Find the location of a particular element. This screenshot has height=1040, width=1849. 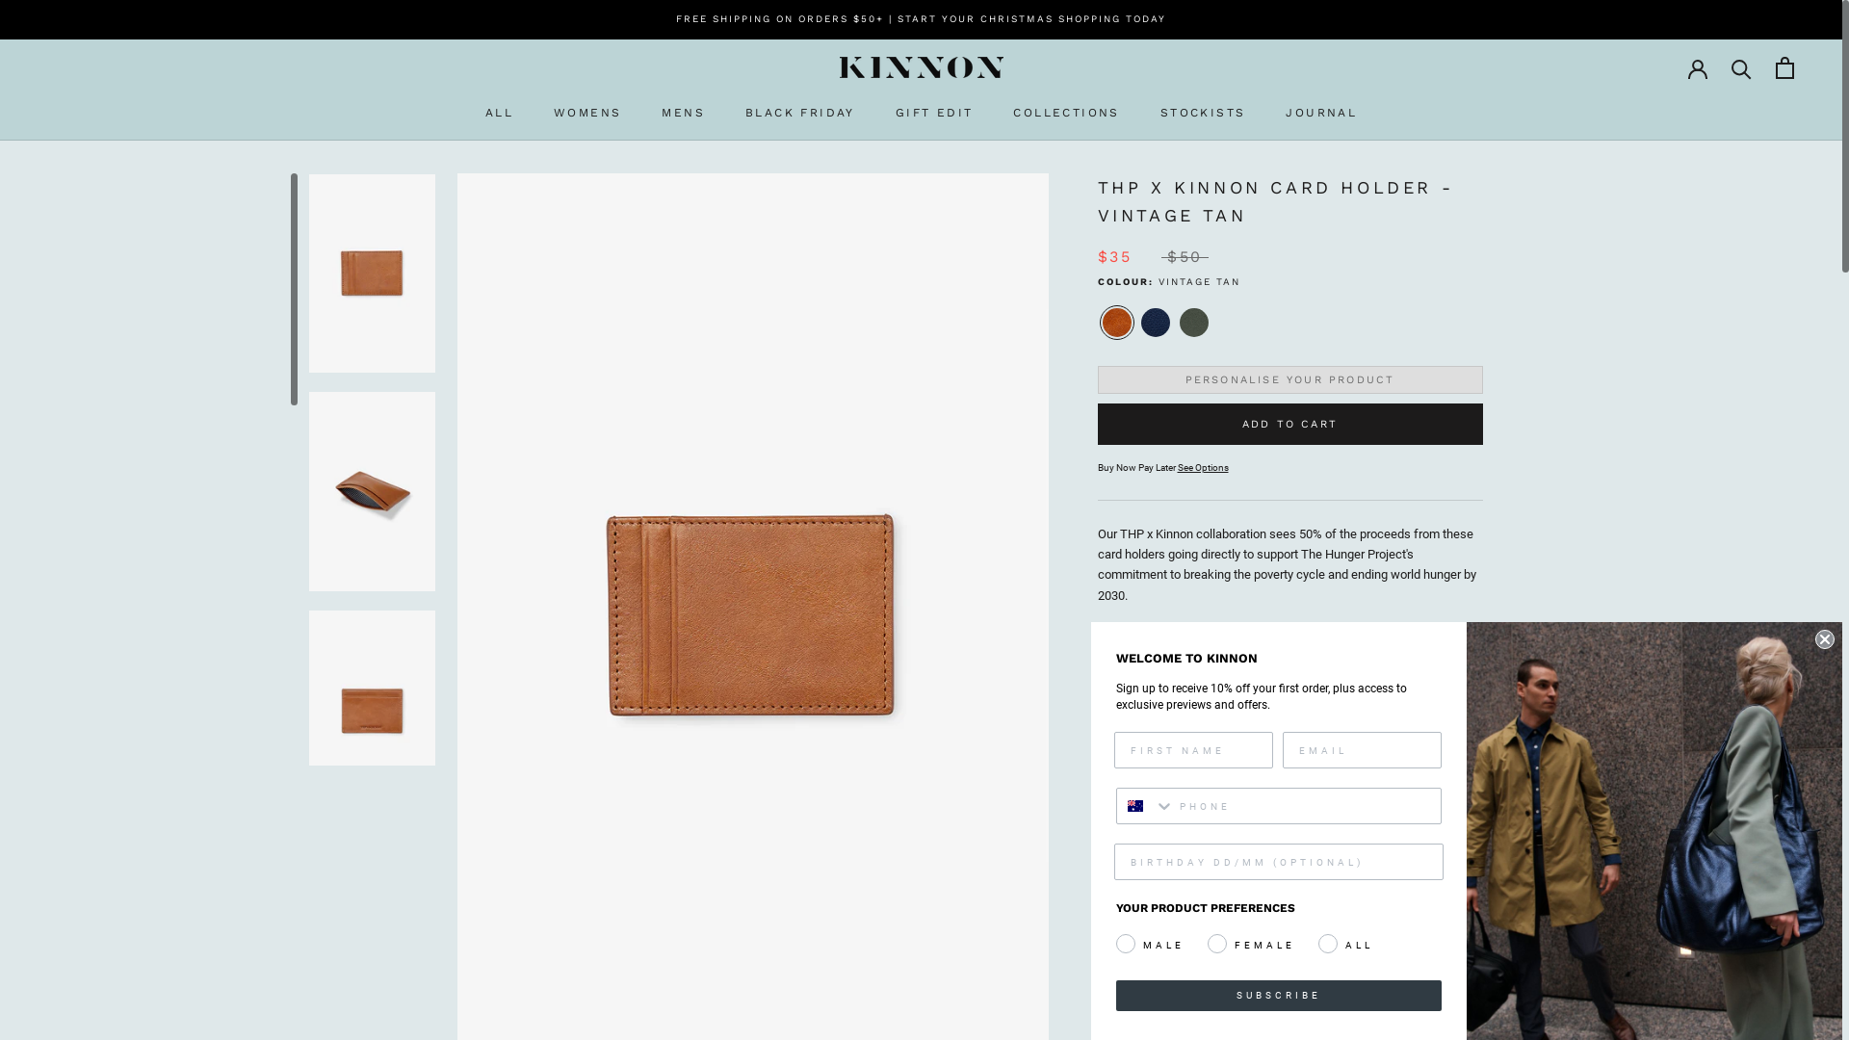

'ALL is located at coordinates (499, 112).